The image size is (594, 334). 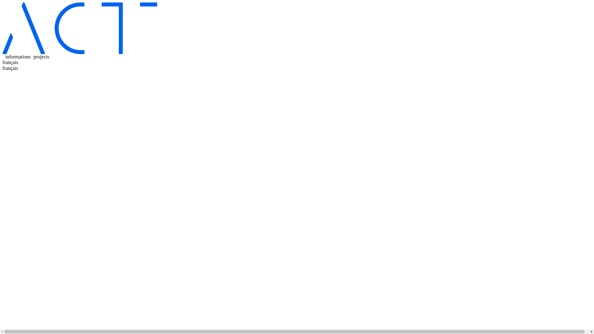 What do you see at coordinates (41, 57) in the screenshot?
I see `'projects'` at bounding box center [41, 57].